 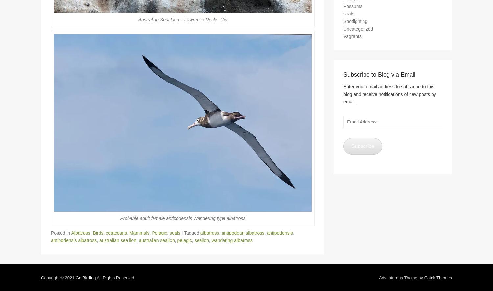 I want to click on 'Possums', so click(x=352, y=9).